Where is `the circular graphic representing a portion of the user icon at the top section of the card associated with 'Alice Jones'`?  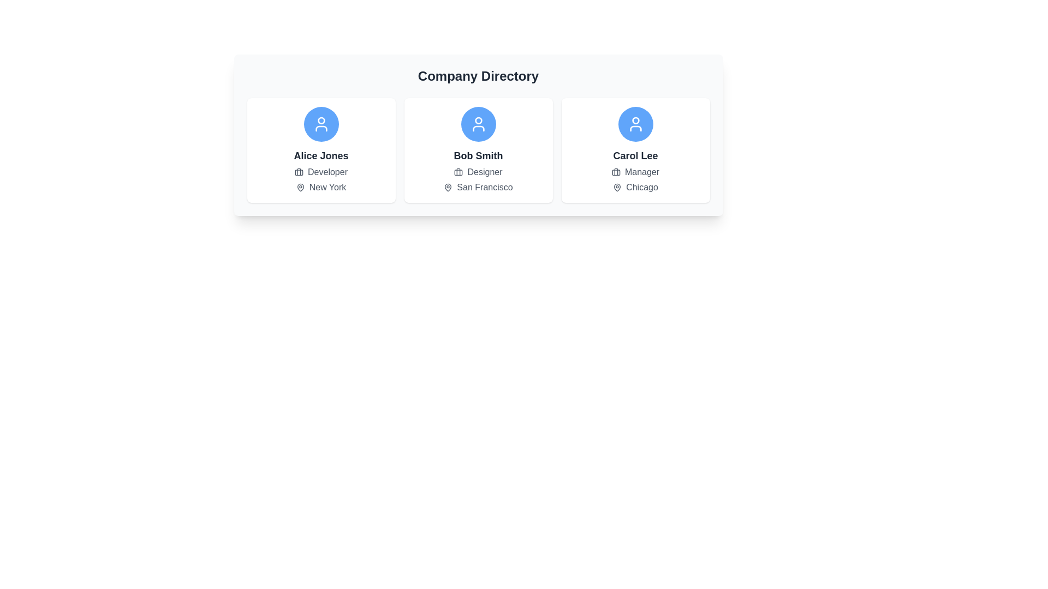 the circular graphic representing a portion of the user icon at the top section of the card associated with 'Alice Jones' is located at coordinates (320, 121).